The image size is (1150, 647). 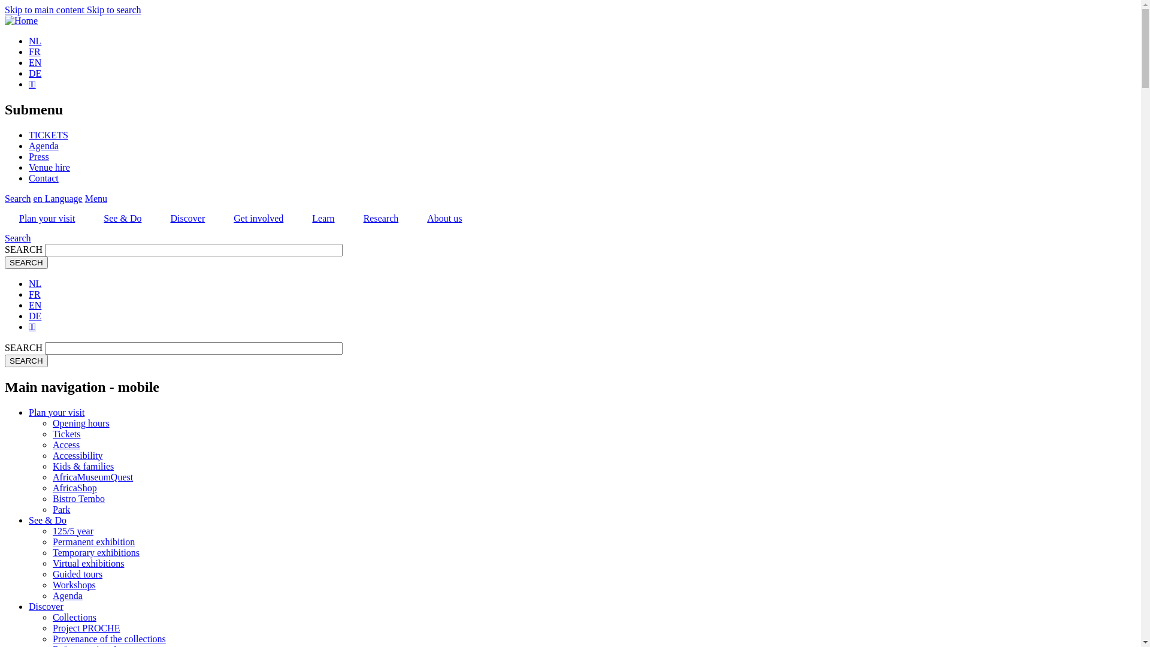 I want to click on 'See & Do', so click(x=47, y=519).